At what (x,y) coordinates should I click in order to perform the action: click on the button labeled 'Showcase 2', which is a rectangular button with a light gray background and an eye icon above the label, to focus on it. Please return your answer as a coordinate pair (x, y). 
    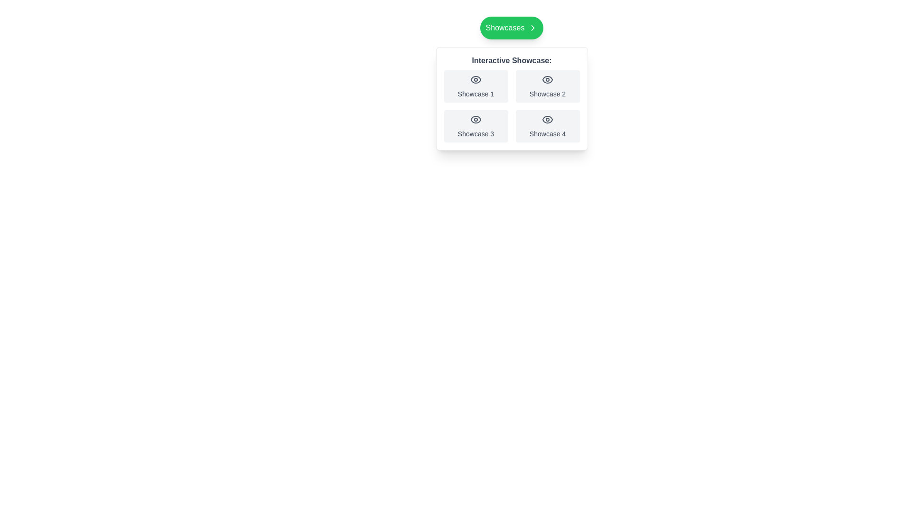
    Looking at the image, I should click on (547, 86).